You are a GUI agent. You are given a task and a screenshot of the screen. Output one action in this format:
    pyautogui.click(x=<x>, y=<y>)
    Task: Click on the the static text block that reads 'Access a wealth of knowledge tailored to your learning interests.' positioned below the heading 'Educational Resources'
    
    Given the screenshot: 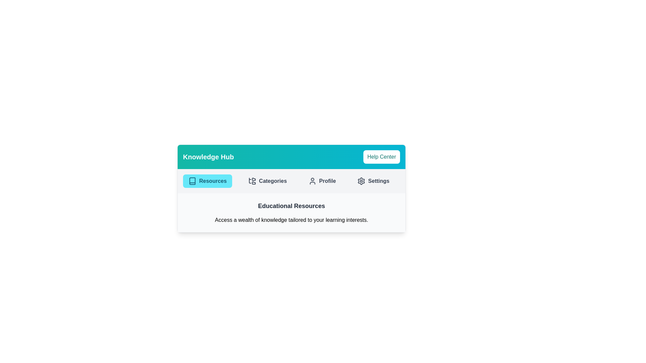 What is the action you would take?
    pyautogui.click(x=291, y=220)
    